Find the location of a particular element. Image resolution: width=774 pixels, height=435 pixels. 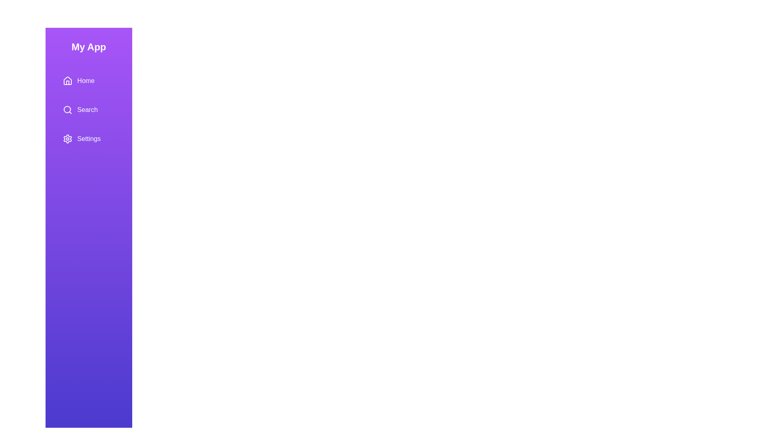

the menu item Search to trigger the hover effect is located at coordinates (89, 110).